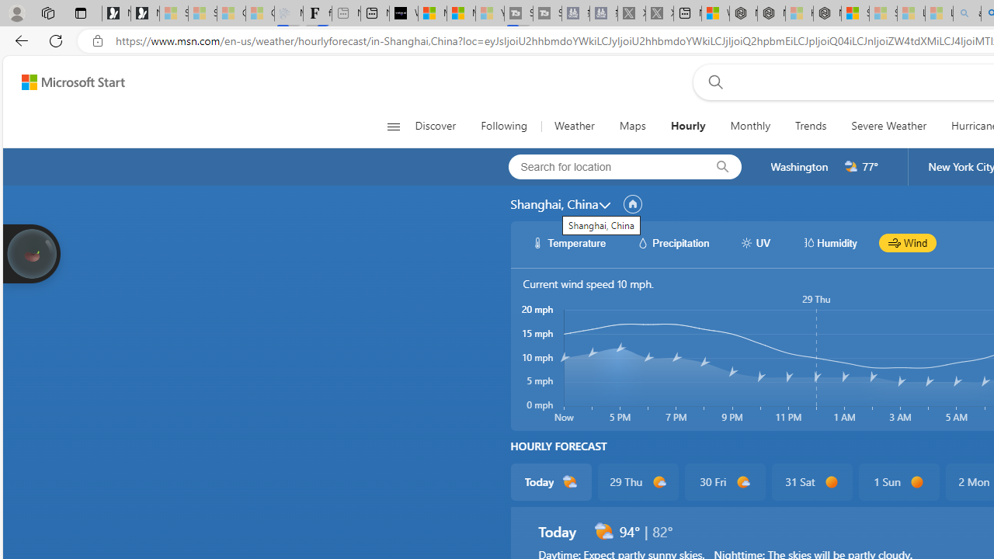  I want to click on 'hourlyChart/uvWhite UV', so click(755, 242).